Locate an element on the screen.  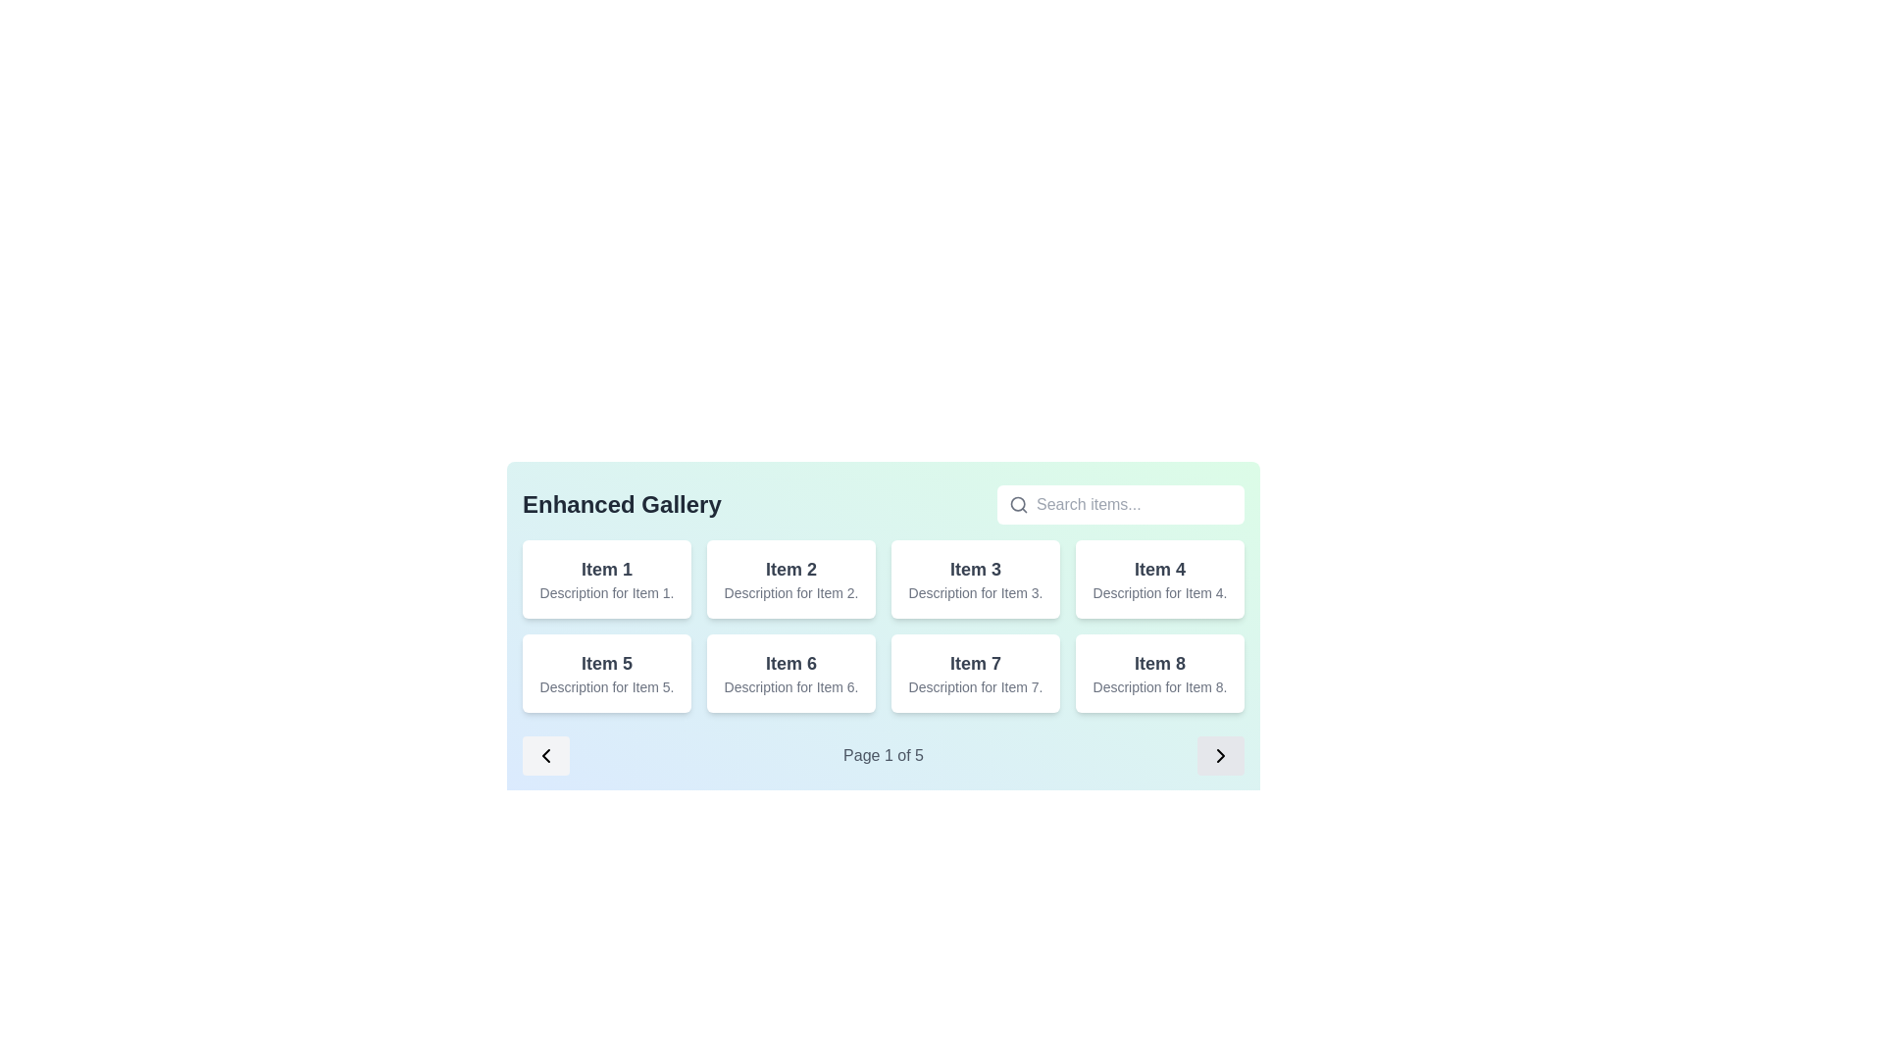
the Card element titled 'Item 4' with a description 'Description for Item 4.' located in the top-right corner of the grid layout is located at coordinates (1159, 578).